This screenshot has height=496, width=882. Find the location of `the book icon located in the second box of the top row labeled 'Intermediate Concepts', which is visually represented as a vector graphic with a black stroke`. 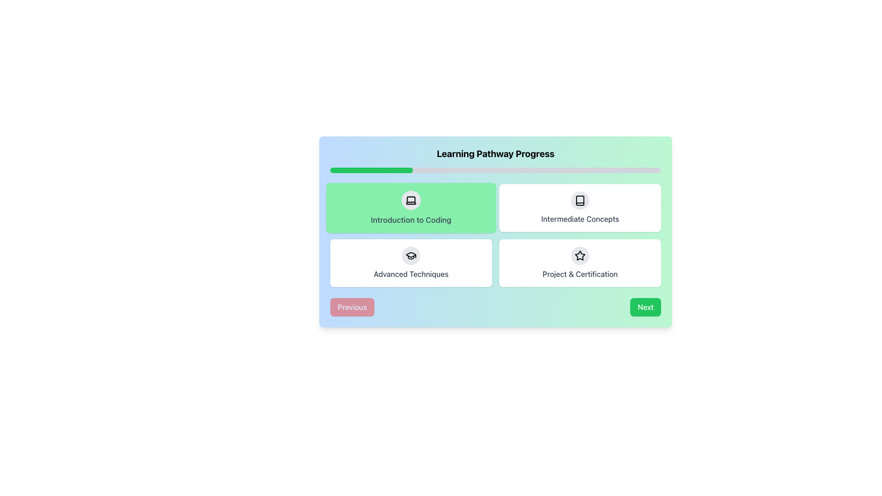

the book icon located in the second box of the top row labeled 'Intermediate Concepts', which is visually represented as a vector graphic with a black stroke is located at coordinates (579, 200).